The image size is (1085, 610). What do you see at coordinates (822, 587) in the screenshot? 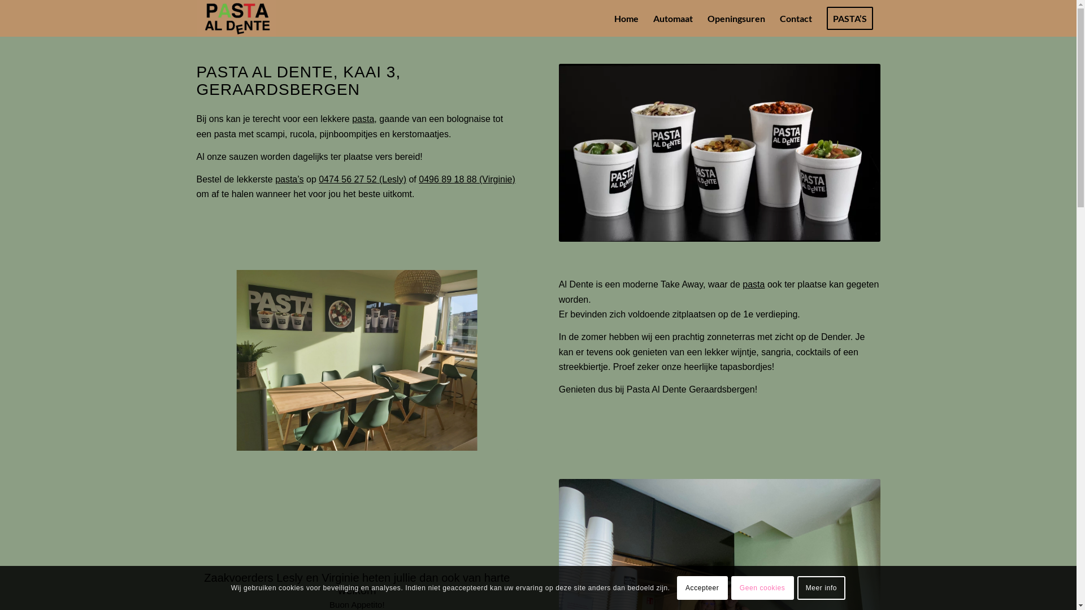
I see `'Meer info'` at bounding box center [822, 587].